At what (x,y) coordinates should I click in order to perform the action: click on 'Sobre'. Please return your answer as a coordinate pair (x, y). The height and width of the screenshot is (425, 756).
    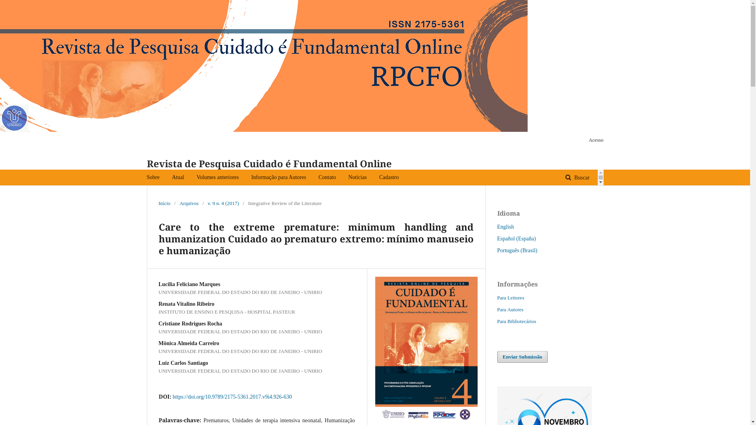
    Looking at the image, I should click on (153, 177).